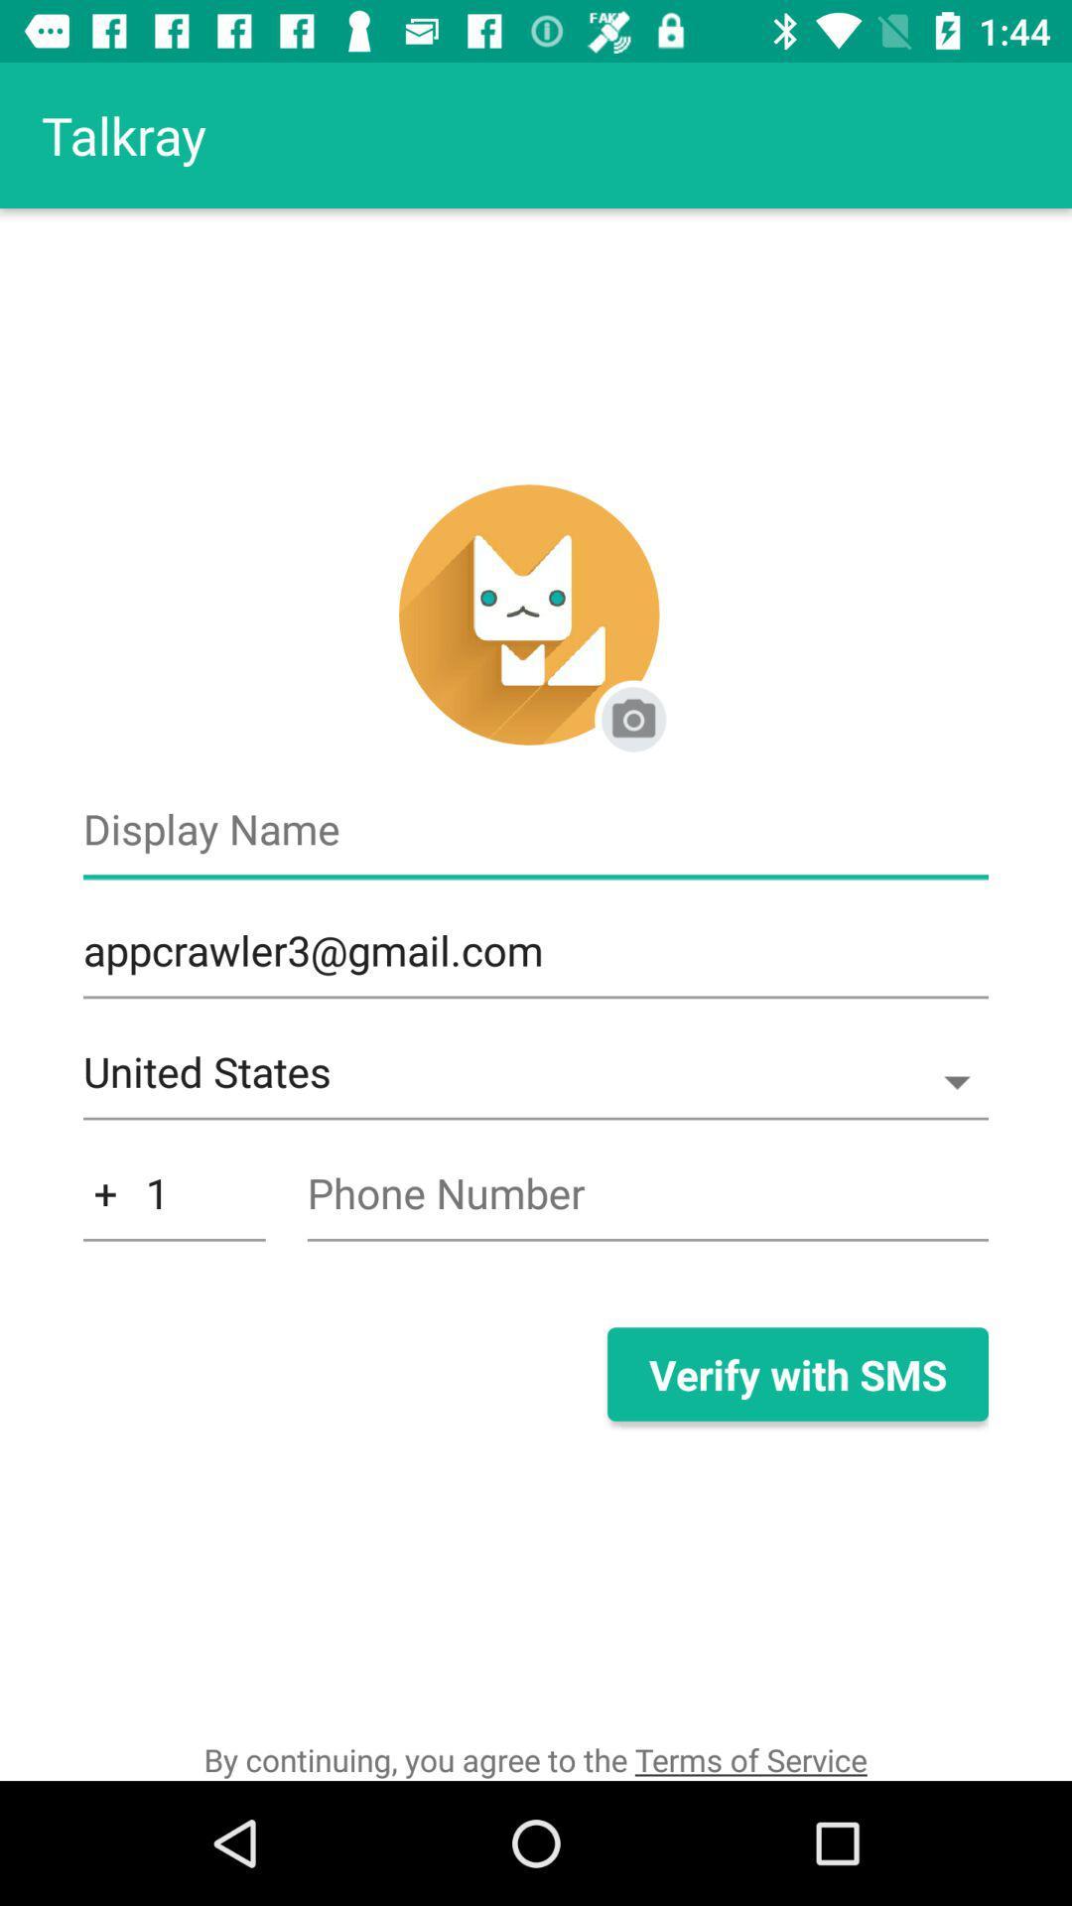  I want to click on item below the verify with sms icon, so click(534, 1759).